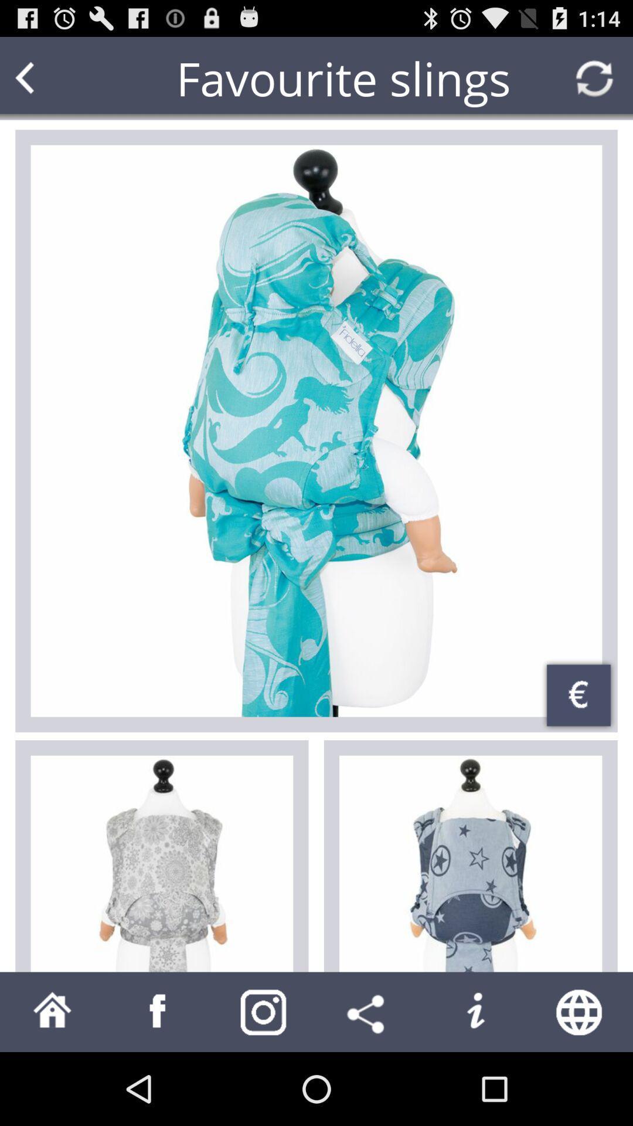 The height and width of the screenshot is (1126, 633). Describe the element at coordinates (52, 1011) in the screenshot. I see `go home` at that location.